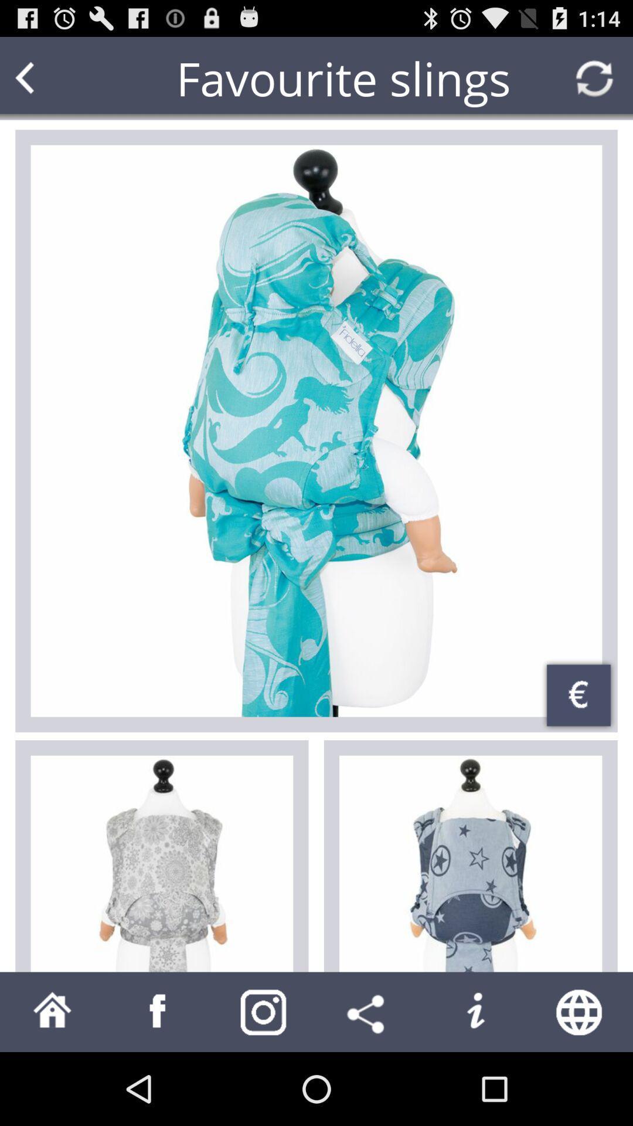 The height and width of the screenshot is (1126, 633). Describe the element at coordinates (52, 1011) in the screenshot. I see `go home` at that location.